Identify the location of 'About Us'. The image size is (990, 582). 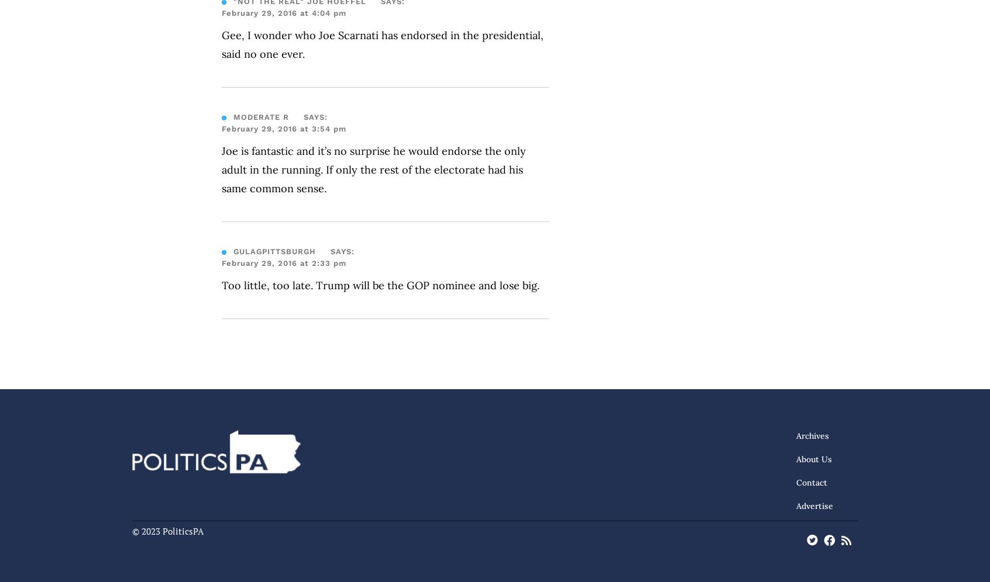
(796, 459).